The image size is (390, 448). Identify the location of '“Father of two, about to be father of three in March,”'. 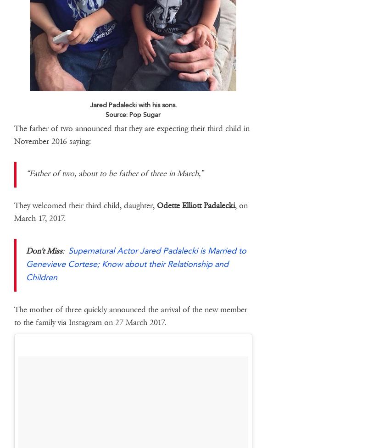
(116, 173).